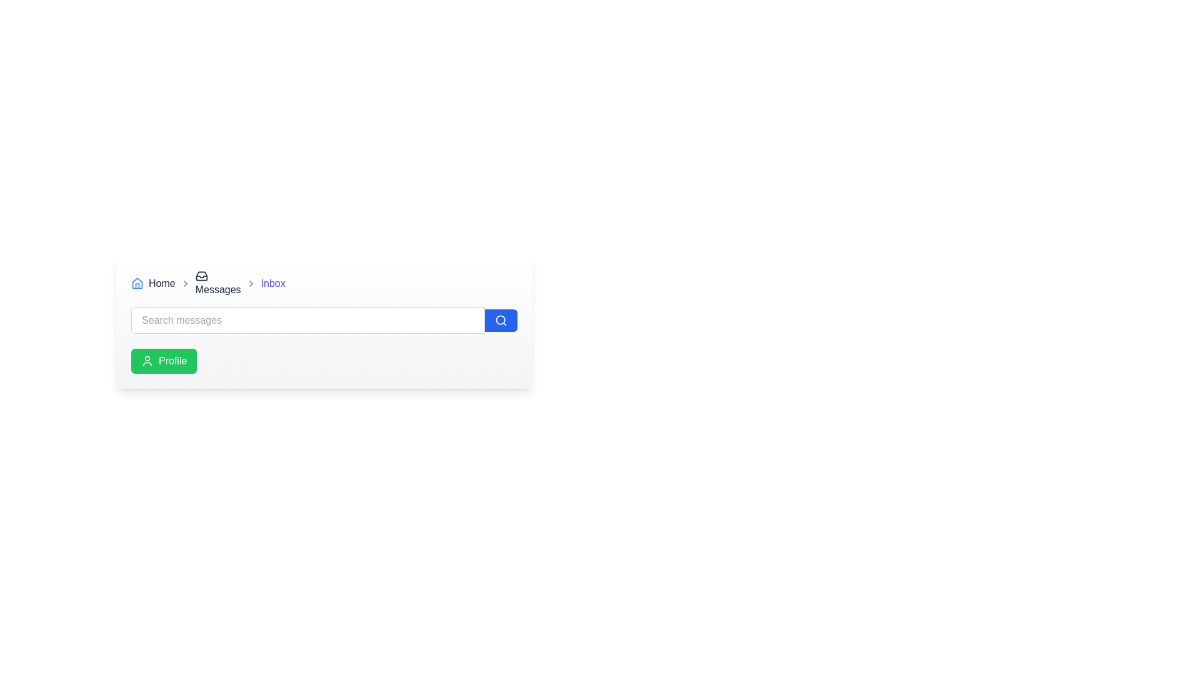 The height and width of the screenshot is (675, 1200). I want to click on the text input field styled with a light gray border and rounded corners that contains the placeholder text 'Search messages', so click(308, 320).